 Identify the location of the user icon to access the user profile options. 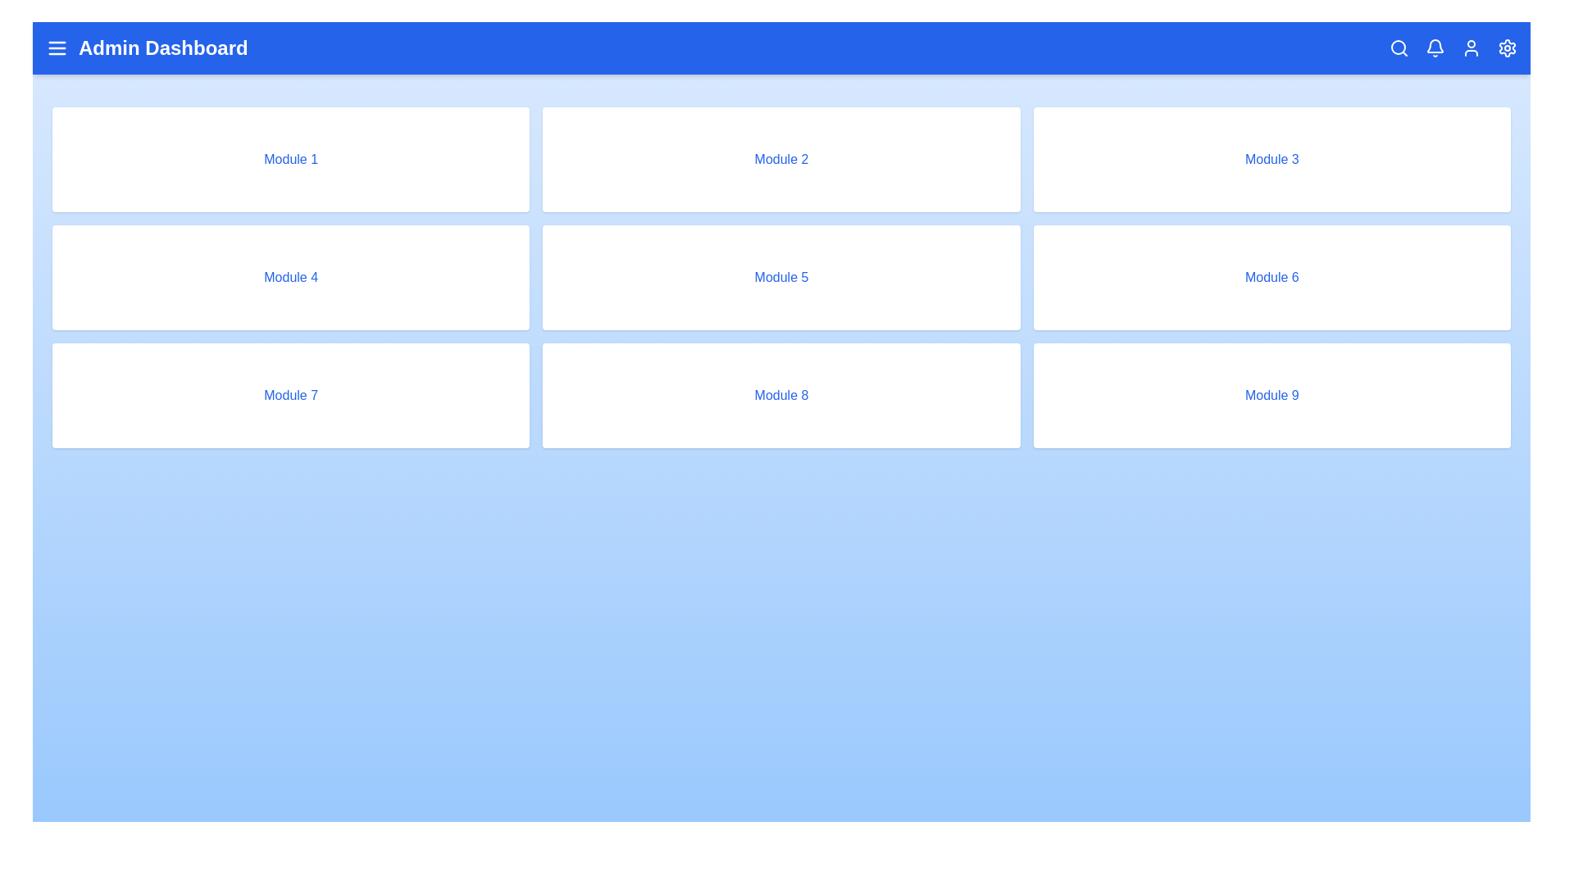
(1472, 47).